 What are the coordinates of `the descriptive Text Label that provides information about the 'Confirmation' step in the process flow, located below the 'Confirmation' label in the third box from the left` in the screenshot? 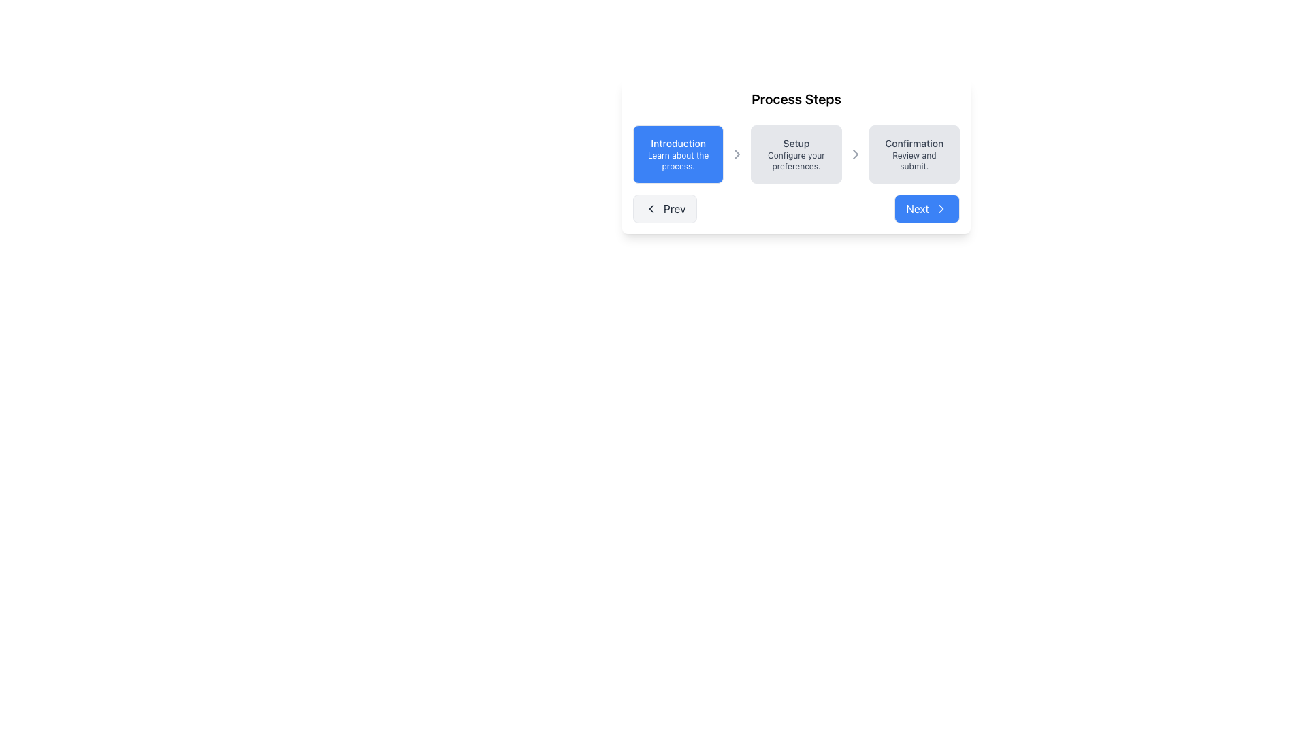 It's located at (914, 160).